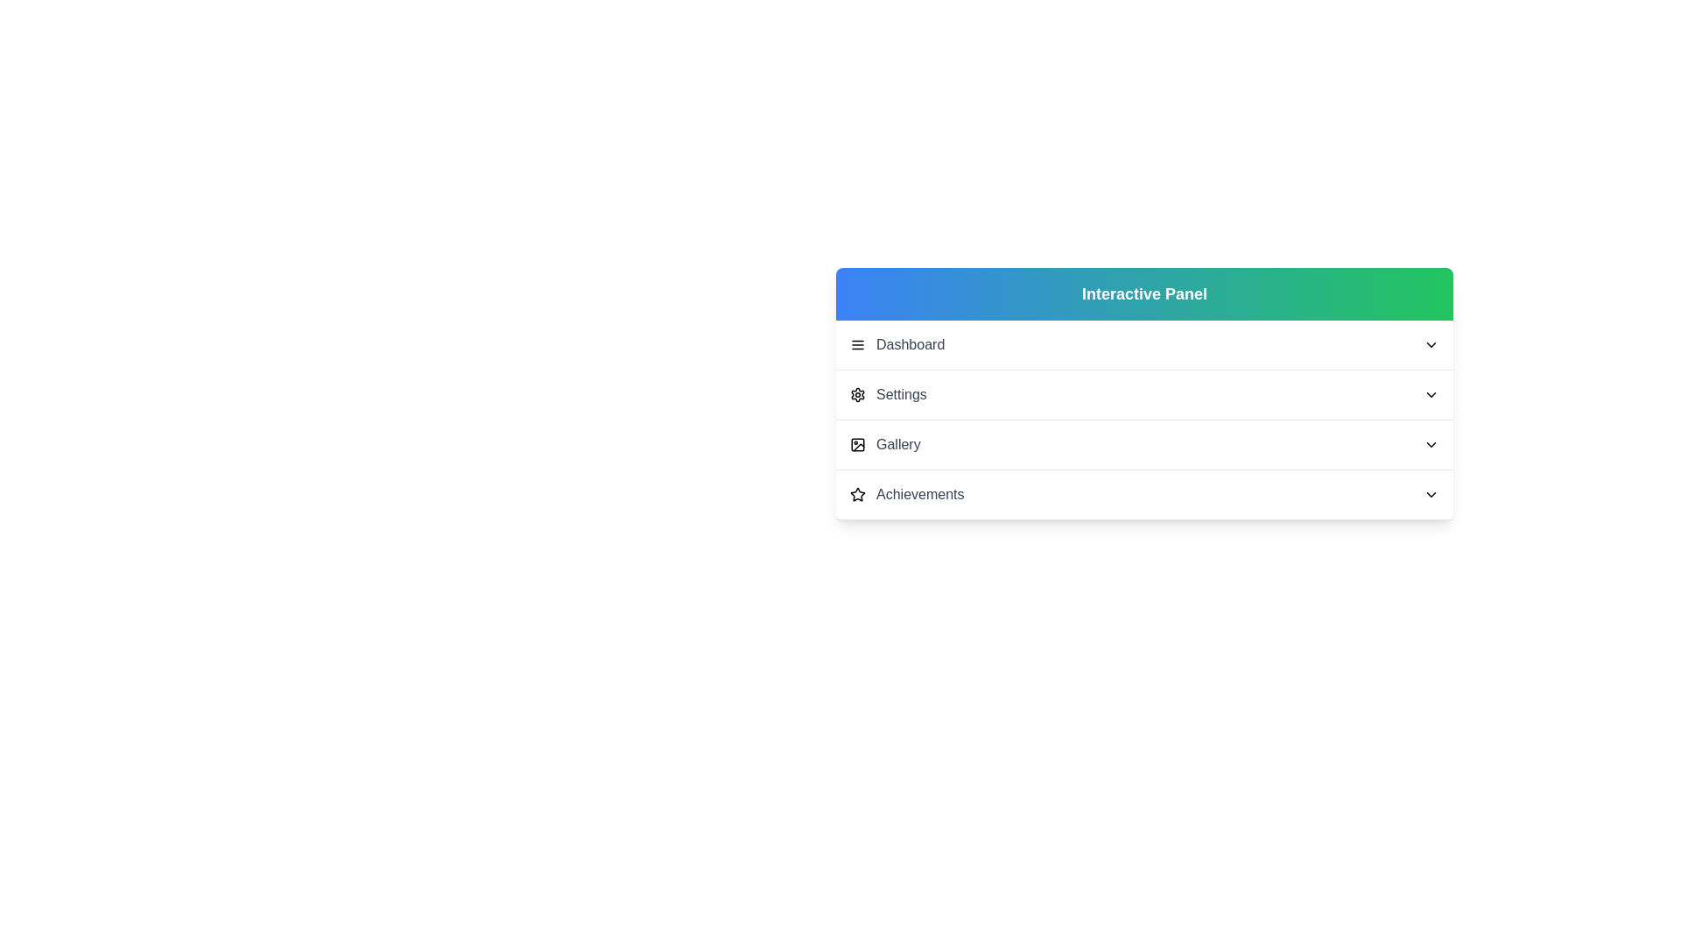 This screenshot has height=946, width=1681. I want to click on the gallery icon located, so click(857, 444).